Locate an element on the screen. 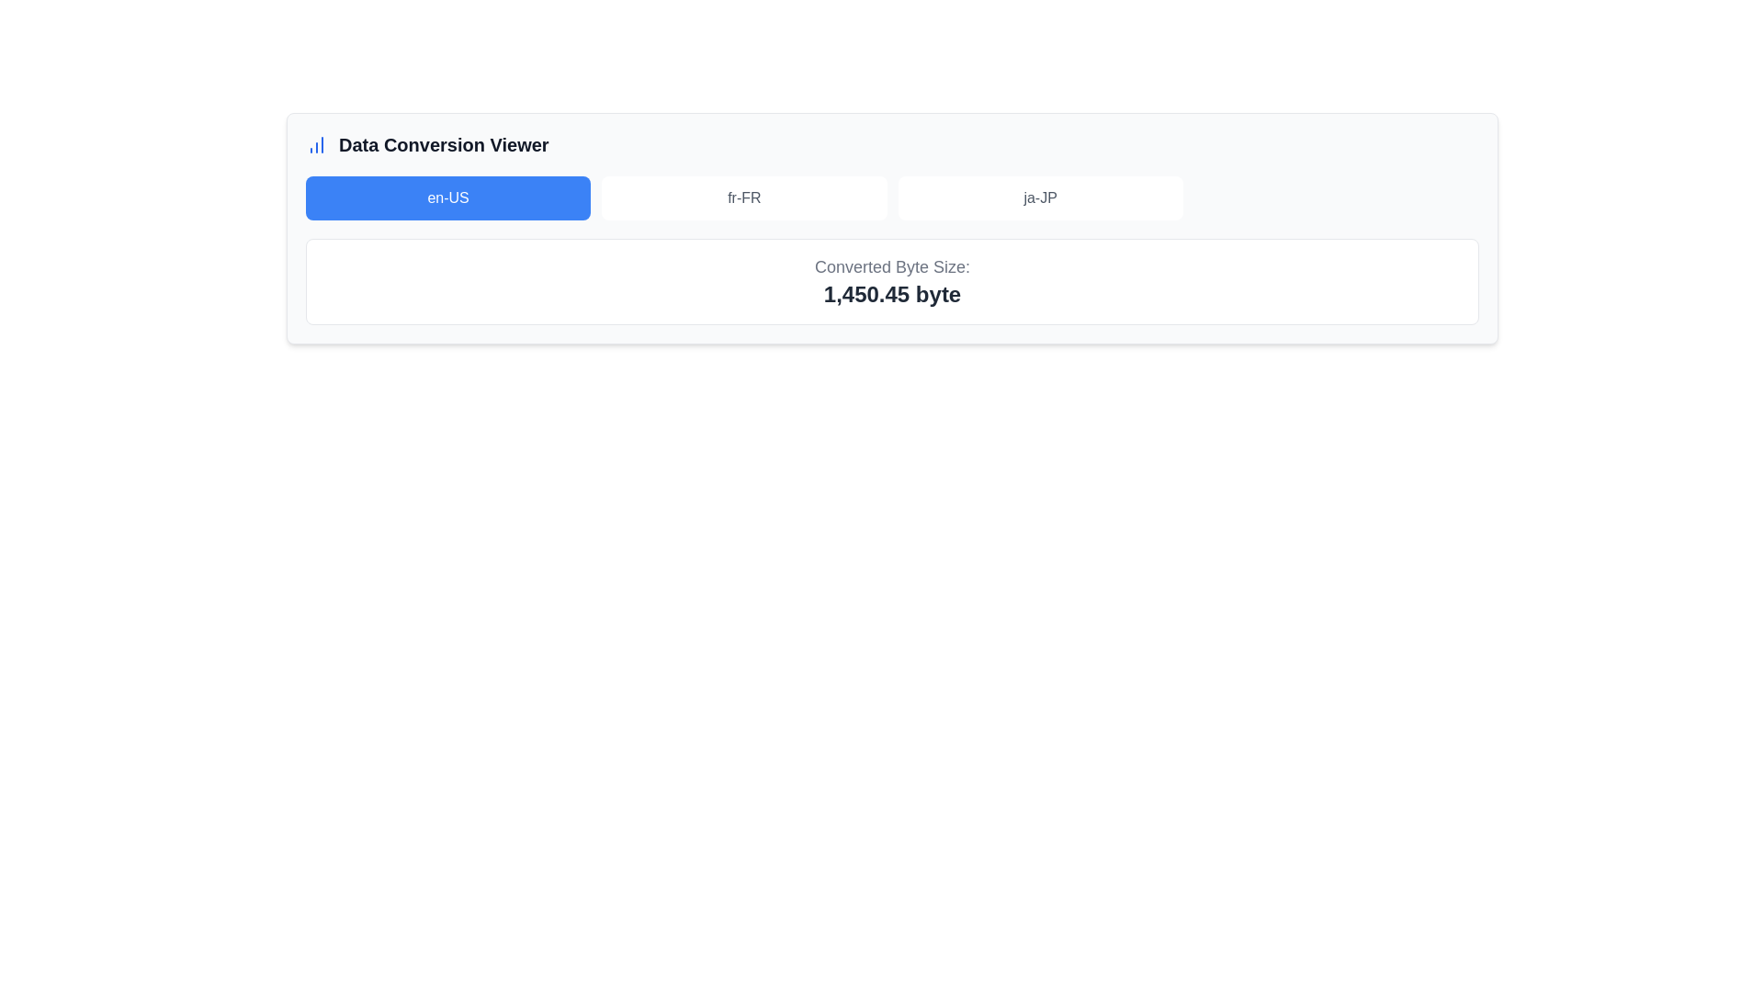  information displayed in the Text Display that presents the result of a data conversion process, specifically indicating a size value in bytes, located below the label 'Converted Byte Size' is located at coordinates (892, 293).